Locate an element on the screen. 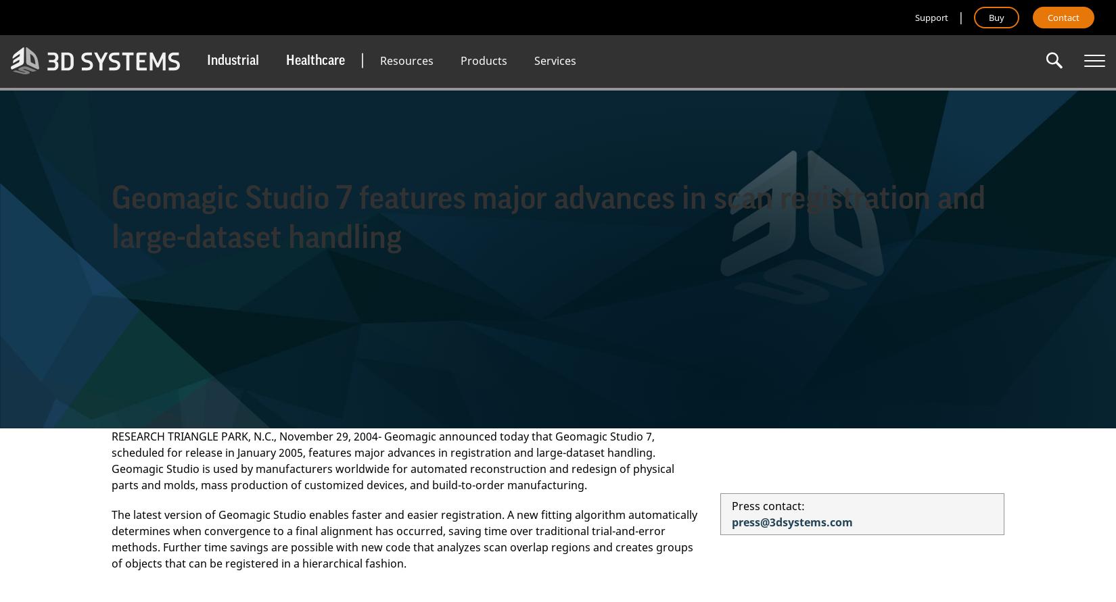 The height and width of the screenshot is (602, 1116). 'Dental Clinics' is located at coordinates (483, 111).